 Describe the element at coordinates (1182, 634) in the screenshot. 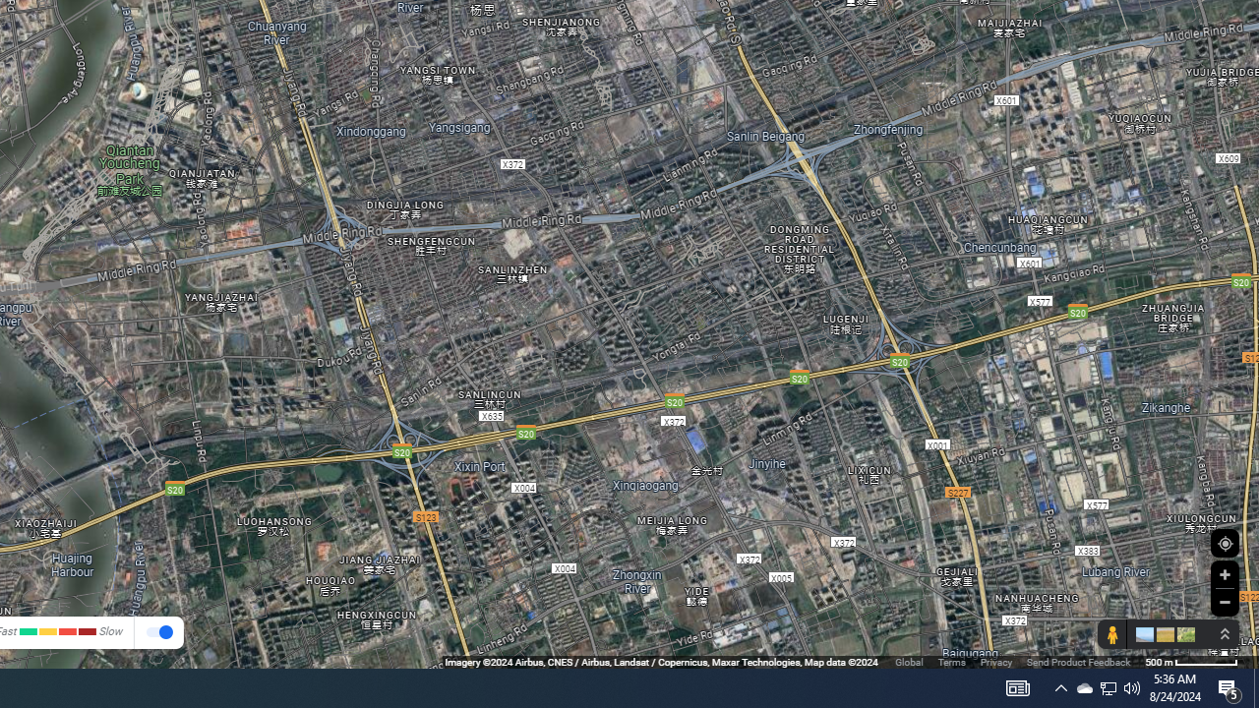

I see `'Show imagery'` at that location.